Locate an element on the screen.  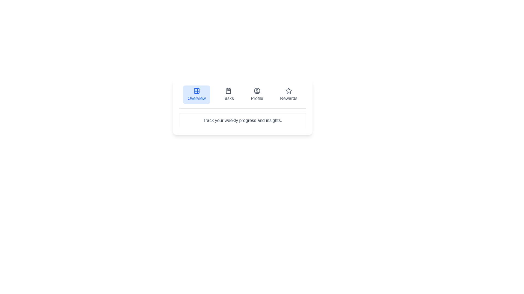
the Profile icon component located in the second segment of a four-icon navigation bar, which is the third icon from the left, for navigation is located at coordinates (257, 91).